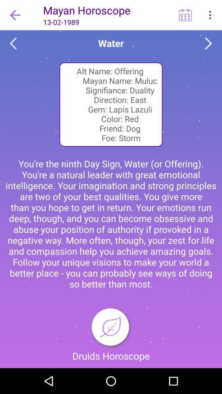 The image size is (222, 394). I want to click on the arrow_forward icon, so click(208, 44).